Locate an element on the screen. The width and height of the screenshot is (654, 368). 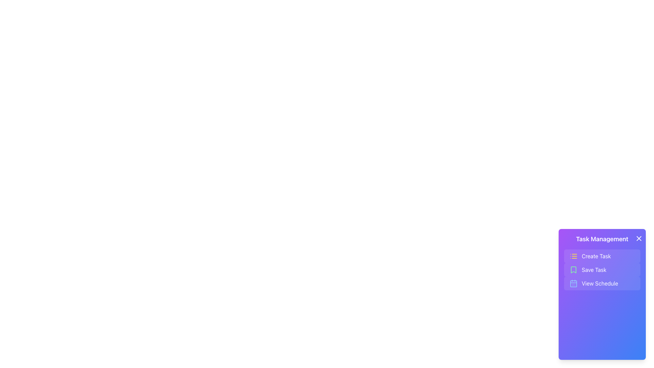
the Close Button, represented by a white 'X' icon inside a circular area, located in the upper-right corner of the 'Task Management' panel is located at coordinates (639, 238).